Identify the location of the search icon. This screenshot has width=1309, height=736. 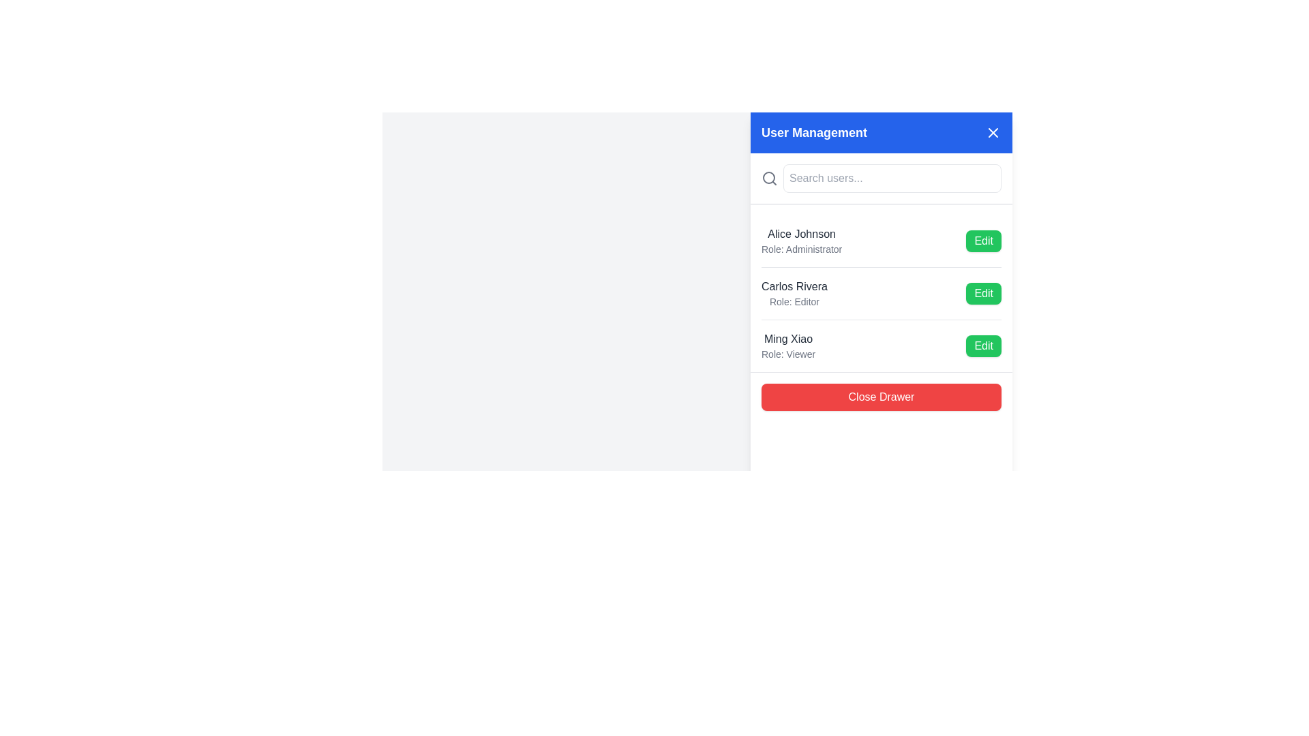
(769, 177).